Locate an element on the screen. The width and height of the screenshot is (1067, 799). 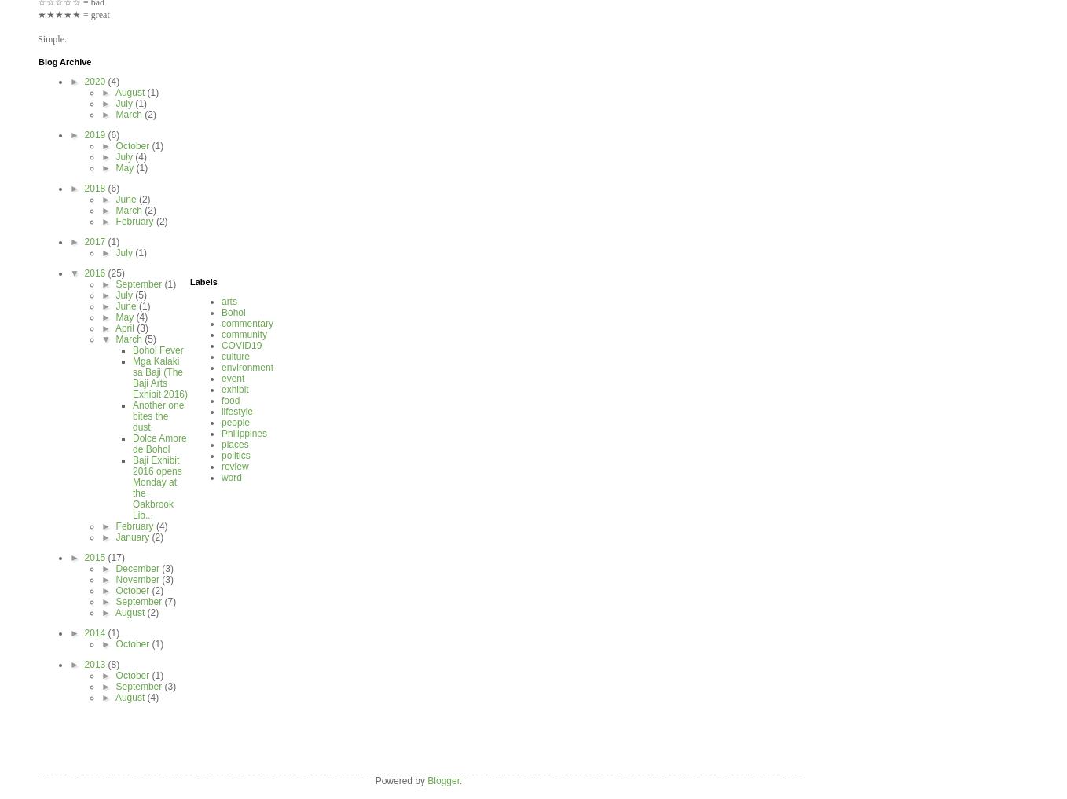
'2013' is located at coordinates (94, 663).